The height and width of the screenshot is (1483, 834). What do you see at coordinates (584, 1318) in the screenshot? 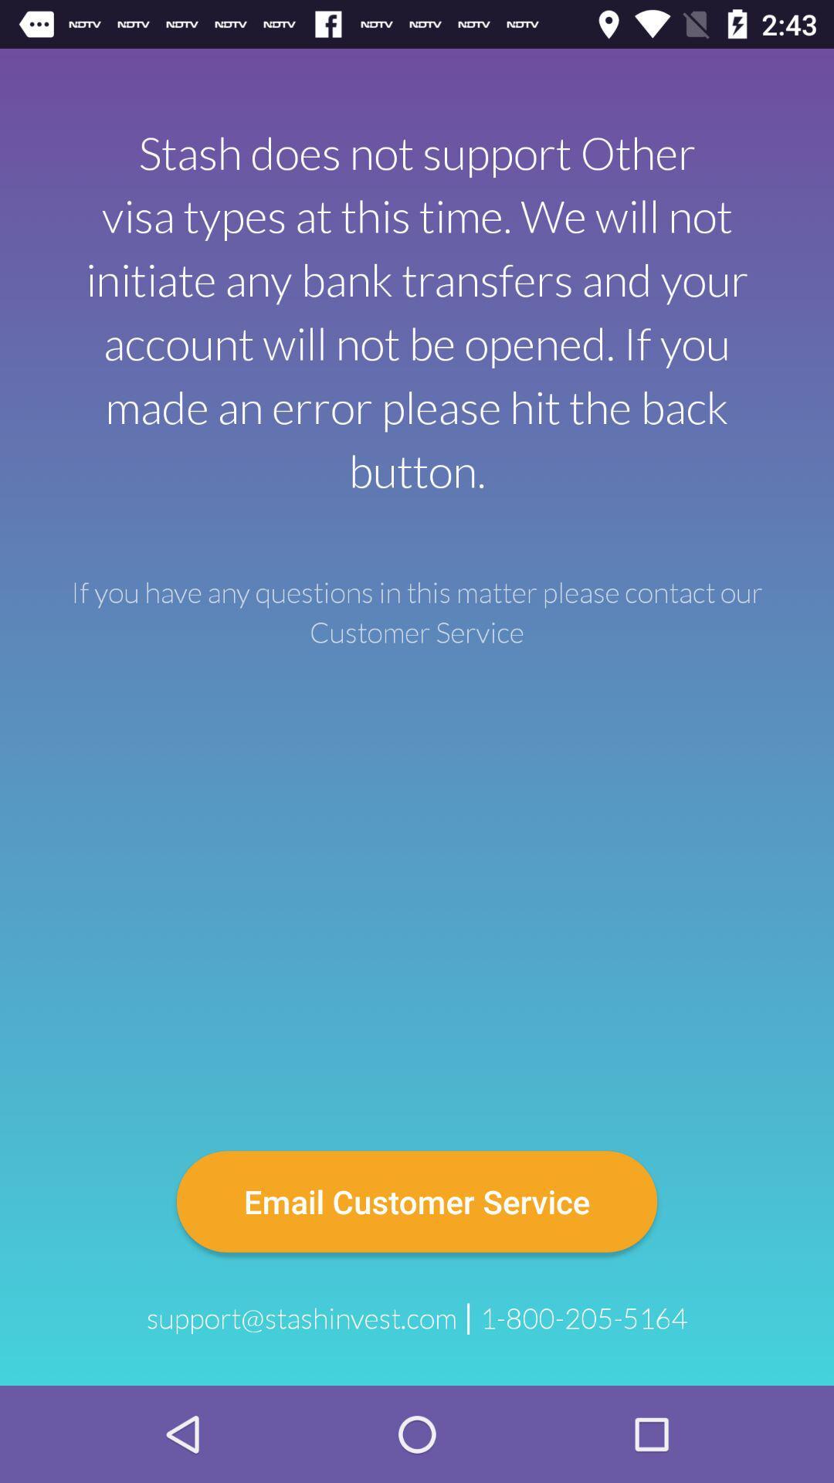
I see `the item below email customer service item` at bounding box center [584, 1318].